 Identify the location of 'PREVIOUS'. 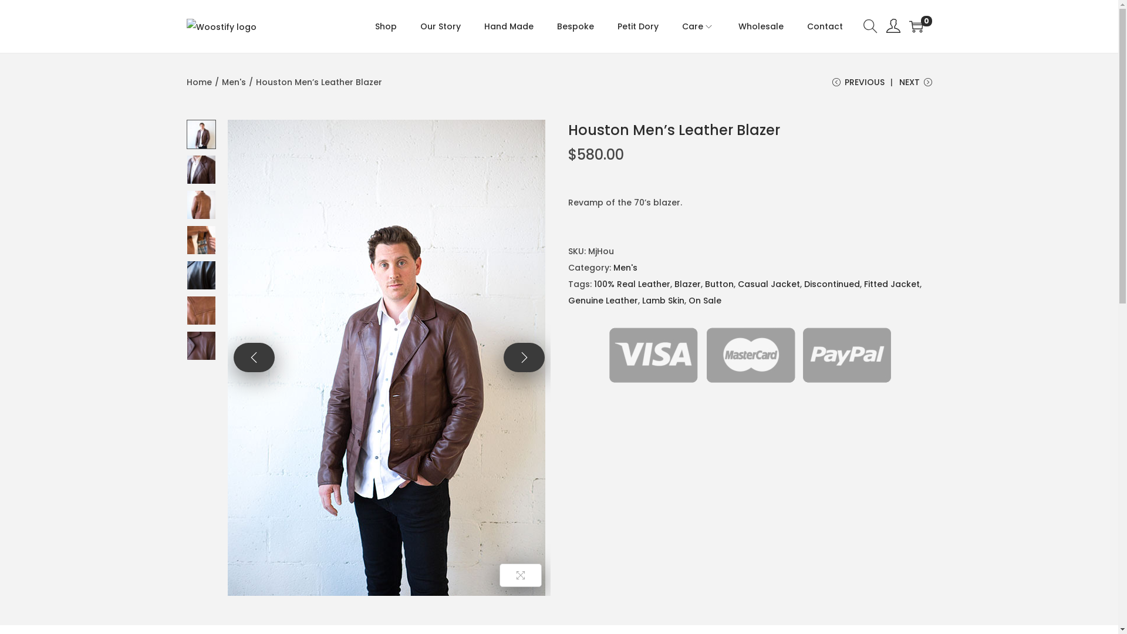
(858, 86).